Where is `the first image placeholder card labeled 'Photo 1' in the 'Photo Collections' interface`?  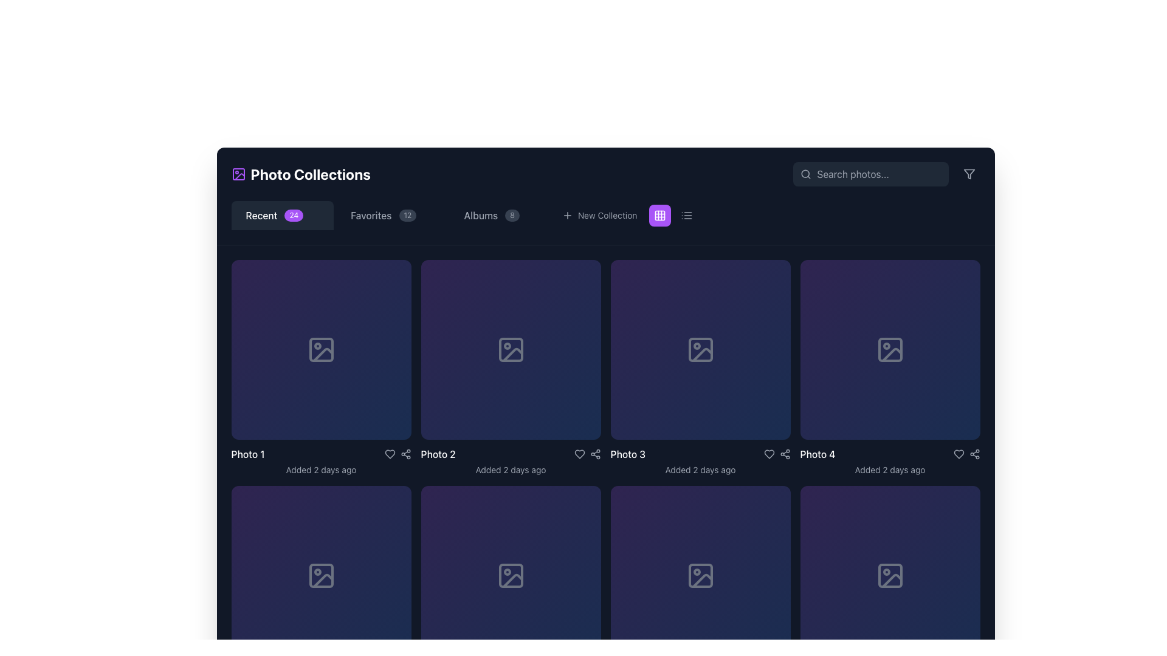 the first image placeholder card labeled 'Photo 1' in the 'Photo Collections' interface is located at coordinates (321, 349).